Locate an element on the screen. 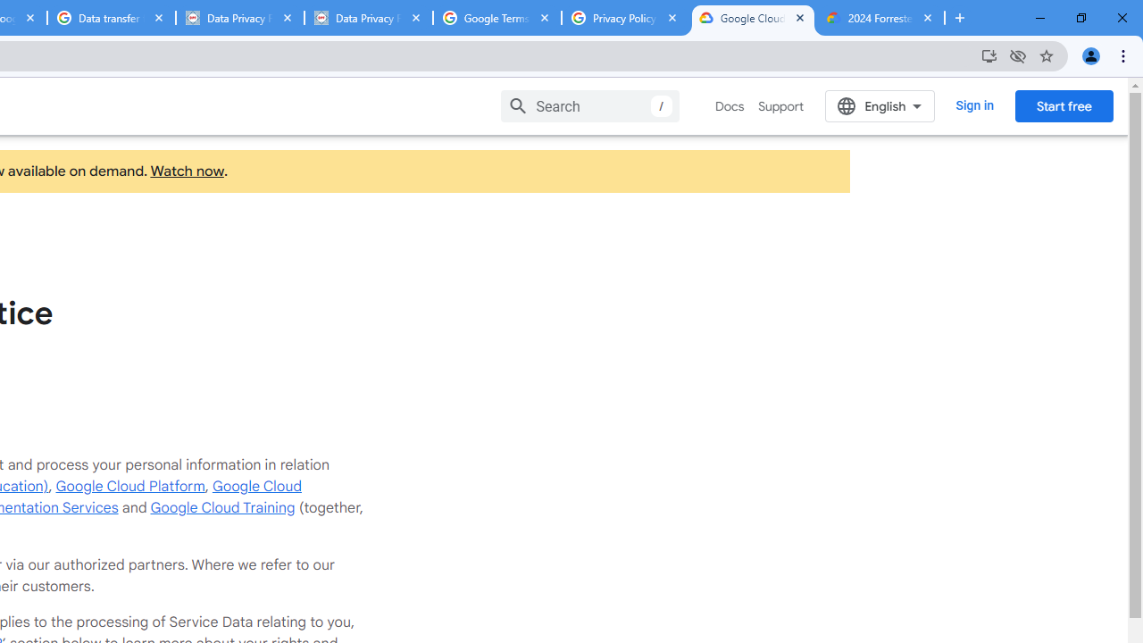 This screenshot has height=643, width=1143. 'Data Privacy Framework' is located at coordinates (367, 18).